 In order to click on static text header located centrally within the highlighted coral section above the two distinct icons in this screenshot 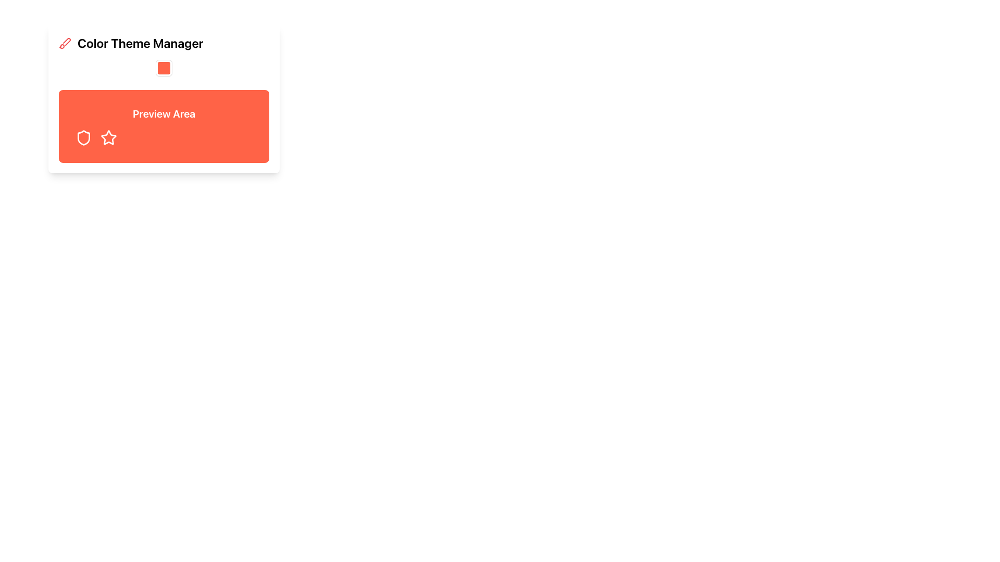, I will do `click(164, 114)`.